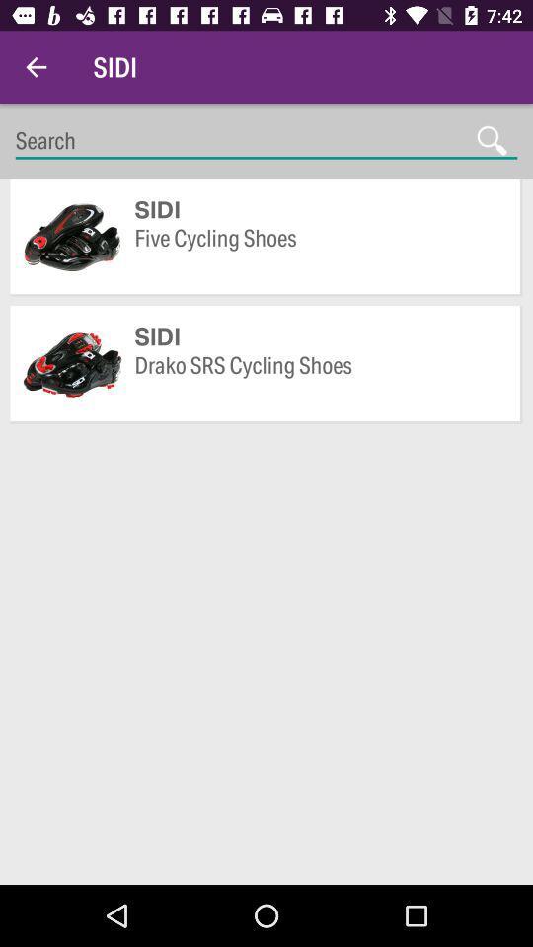  Describe the element at coordinates (36, 67) in the screenshot. I see `the item next to the sidi item` at that location.